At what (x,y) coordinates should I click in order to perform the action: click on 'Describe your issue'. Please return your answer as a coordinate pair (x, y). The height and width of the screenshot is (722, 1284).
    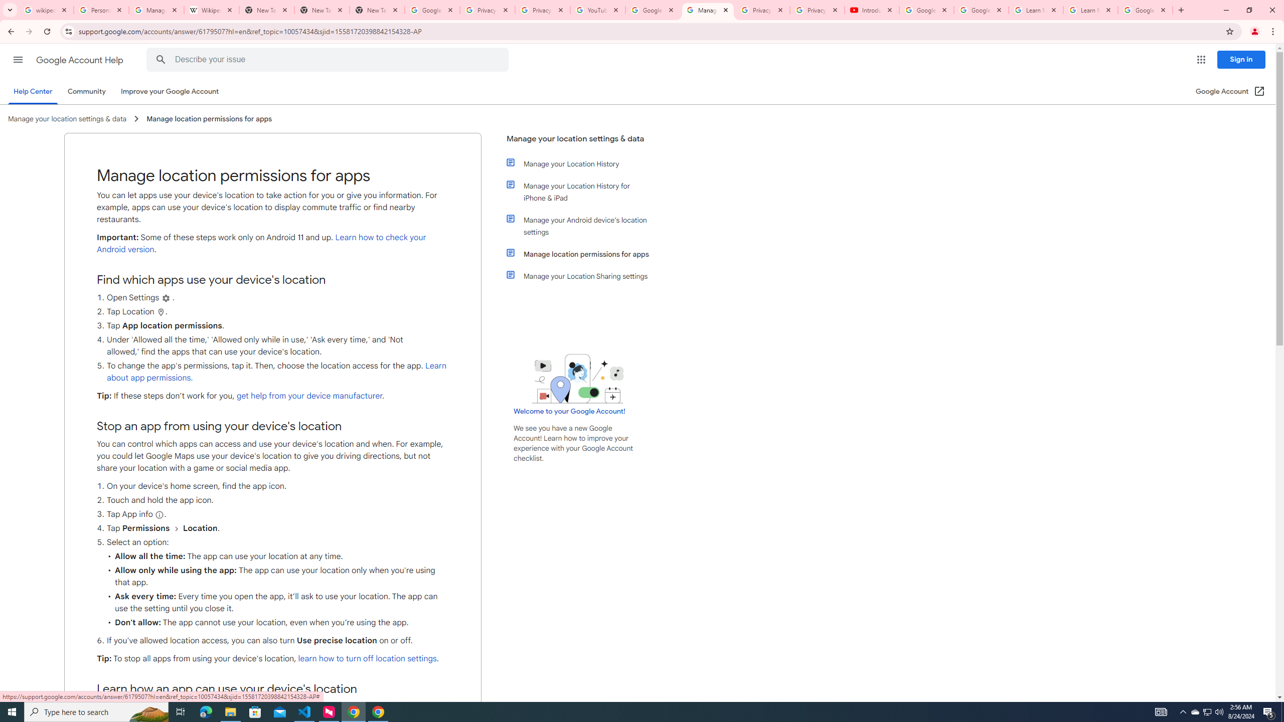
    Looking at the image, I should click on (329, 59).